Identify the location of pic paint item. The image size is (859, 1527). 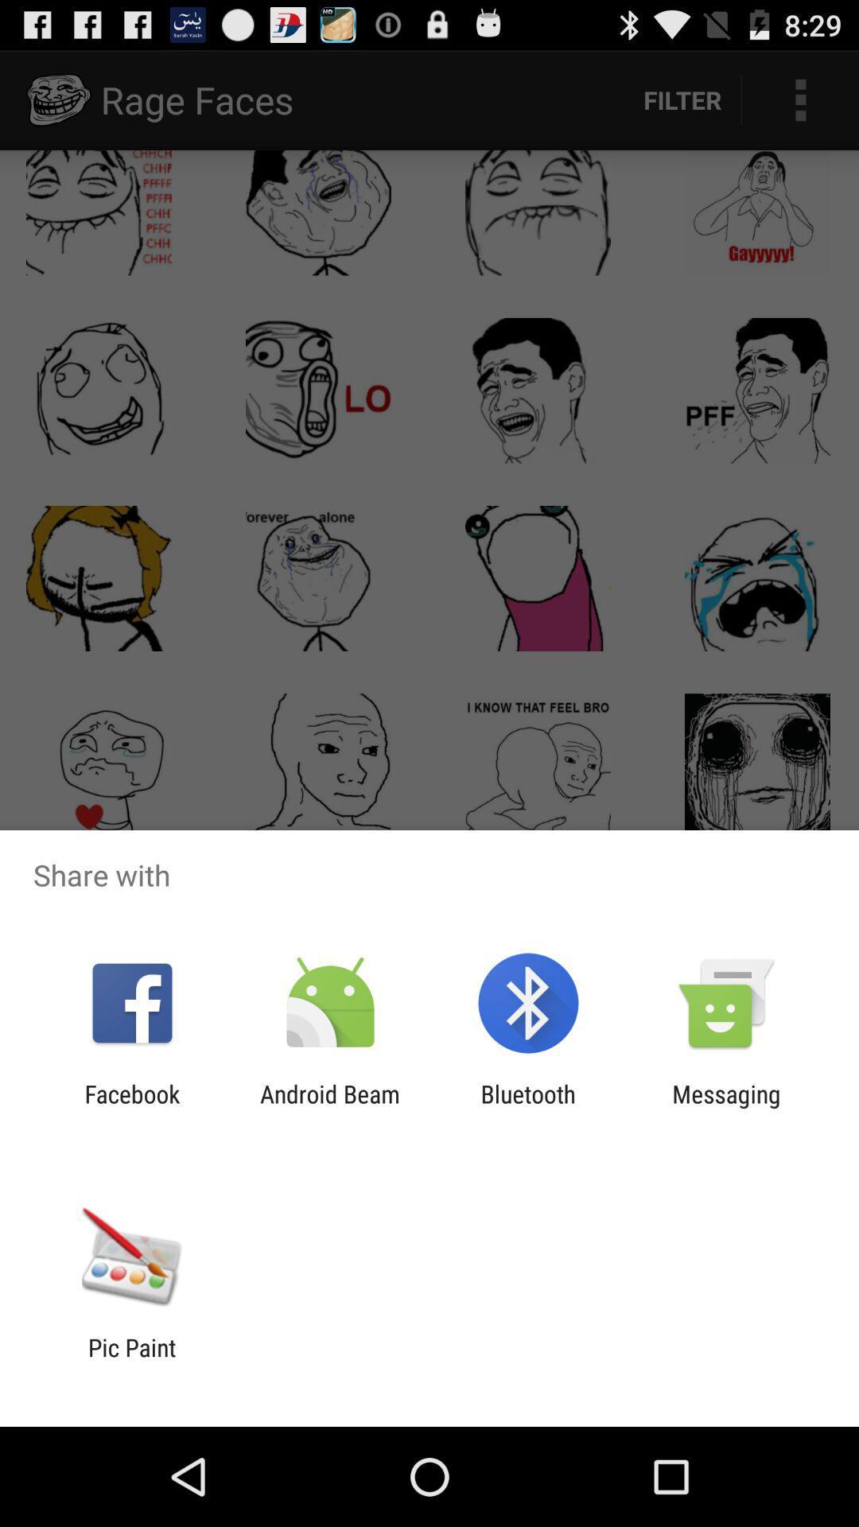
(131, 1361).